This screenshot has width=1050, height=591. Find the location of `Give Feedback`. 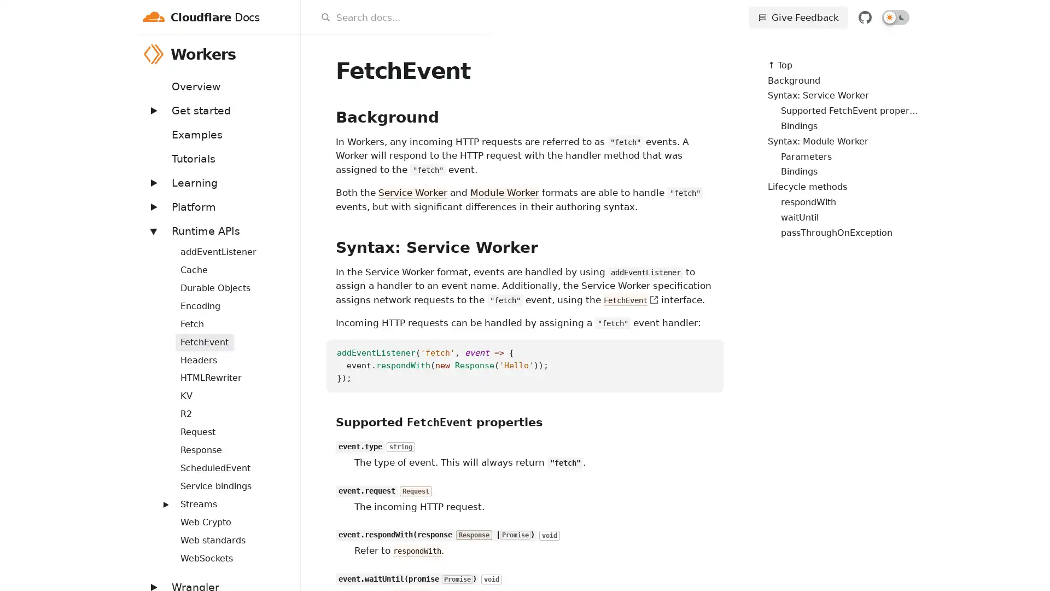

Give Feedback is located at coordinates (798, 17).